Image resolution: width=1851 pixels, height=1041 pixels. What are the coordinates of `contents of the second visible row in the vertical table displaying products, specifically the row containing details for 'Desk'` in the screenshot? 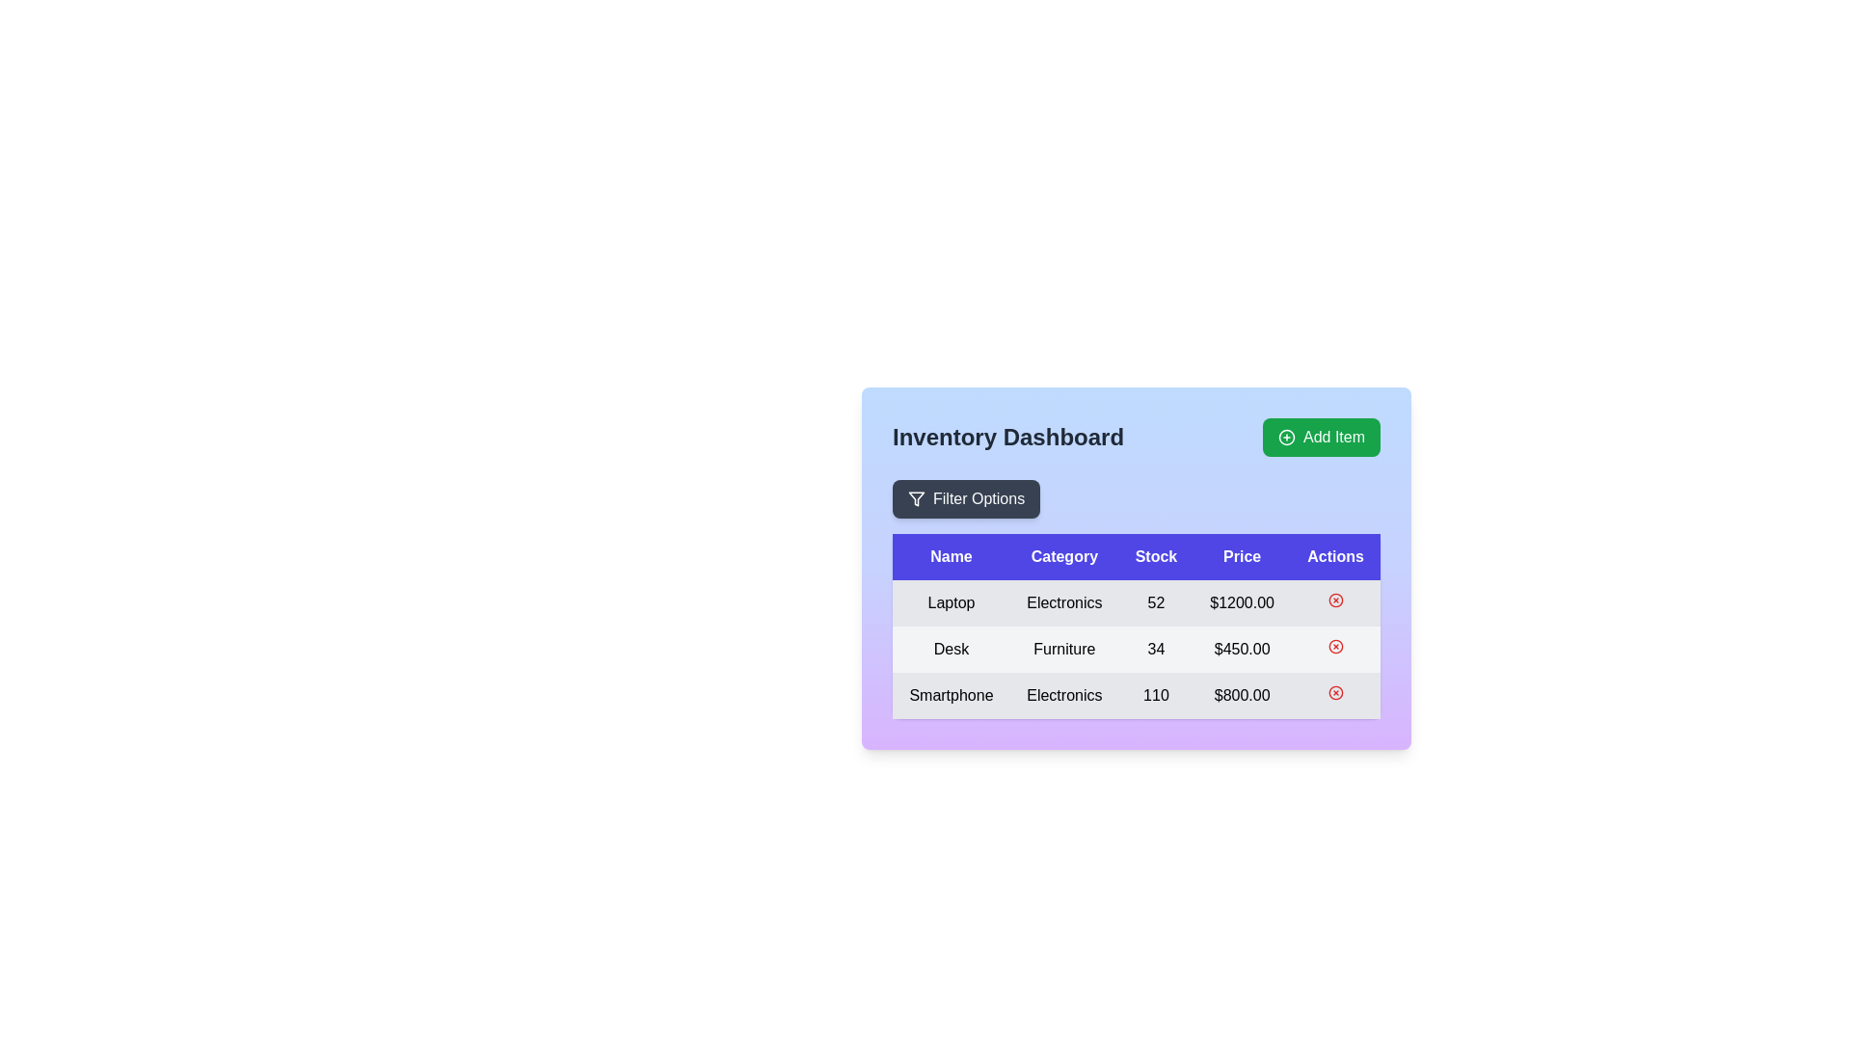 It's located at (1137, 627).